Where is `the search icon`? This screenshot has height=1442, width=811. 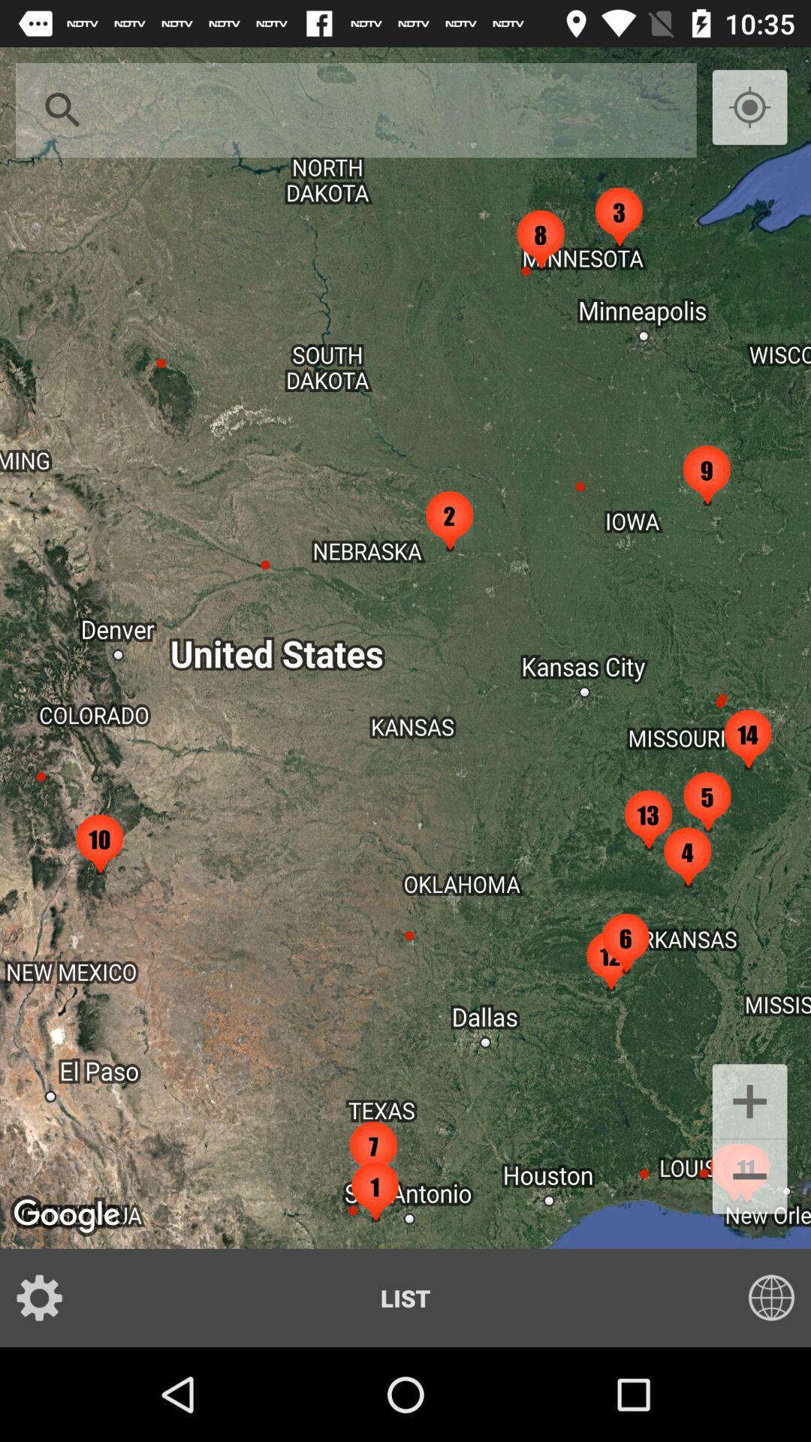 the search icon is located at coordinates (62, 110).